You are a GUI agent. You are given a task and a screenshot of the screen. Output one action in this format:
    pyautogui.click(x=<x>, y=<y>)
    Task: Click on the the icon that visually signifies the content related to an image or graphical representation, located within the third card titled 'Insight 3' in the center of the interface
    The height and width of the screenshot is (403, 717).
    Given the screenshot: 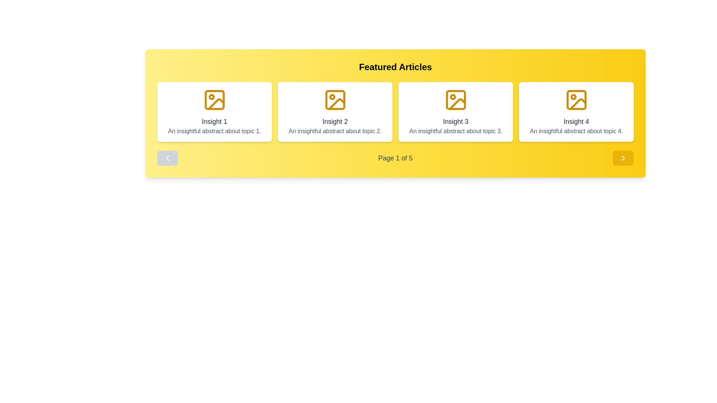 What is the action you would take?
    pyautogui.click(x=455, y=99)
    